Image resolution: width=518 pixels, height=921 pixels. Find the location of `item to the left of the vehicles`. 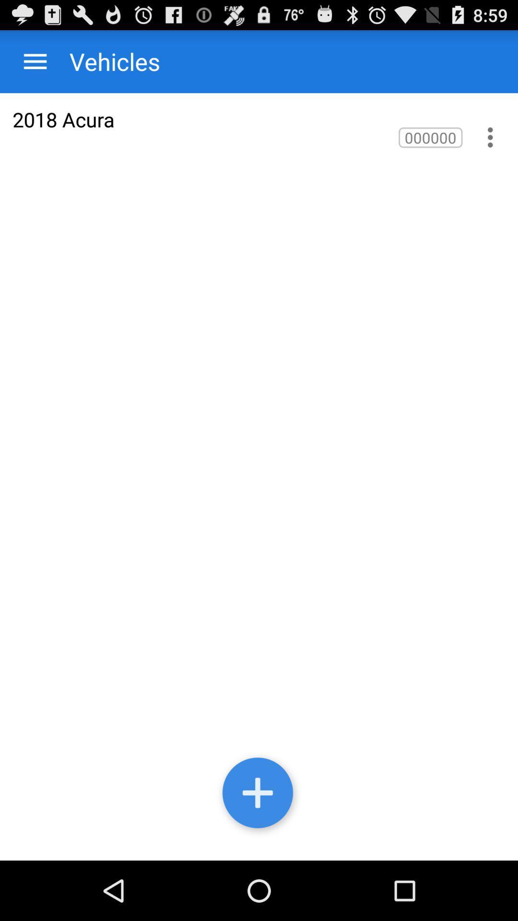

item to the left of the vehicles is located at coordinates (35, 61).